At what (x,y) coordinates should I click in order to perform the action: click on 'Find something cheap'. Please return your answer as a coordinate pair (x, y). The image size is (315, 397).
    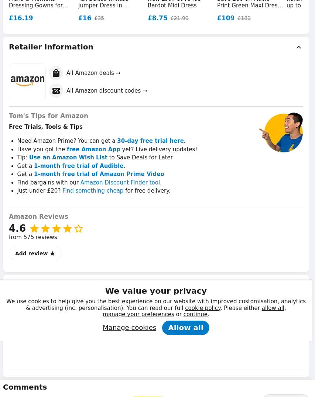
    Looking at the image, I should click on (93, 191).